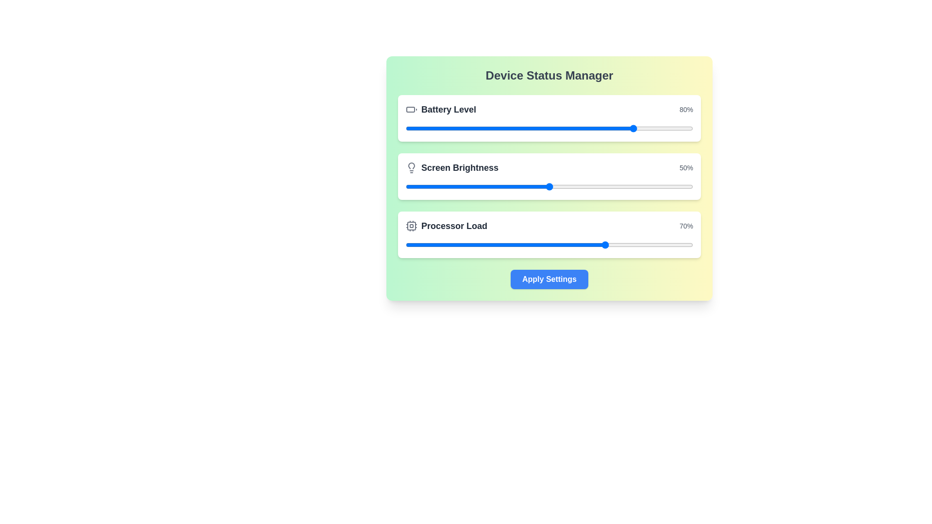  What do you see at coordinates (412, 226) in the screenshot?
I see `the CPU-shaped icon with a square outline located to the left of the 'Processor Load' text label in the third section of the interface` at bounding box center [412, 226].